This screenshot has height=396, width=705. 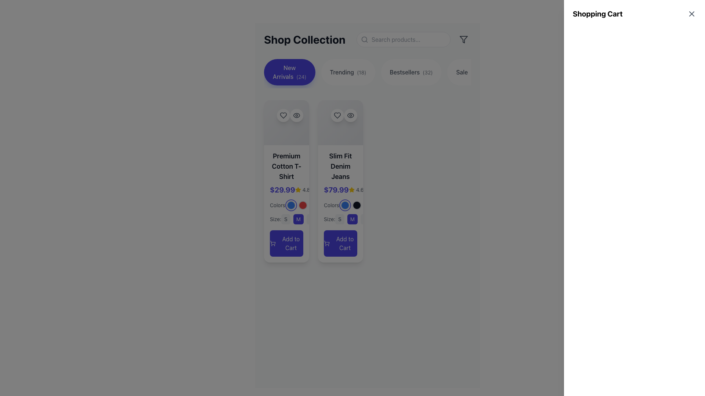 I want to click on the eye icon button located in the right card of the product list under the 'Shop Collection' section, so click(x=296, y=115).